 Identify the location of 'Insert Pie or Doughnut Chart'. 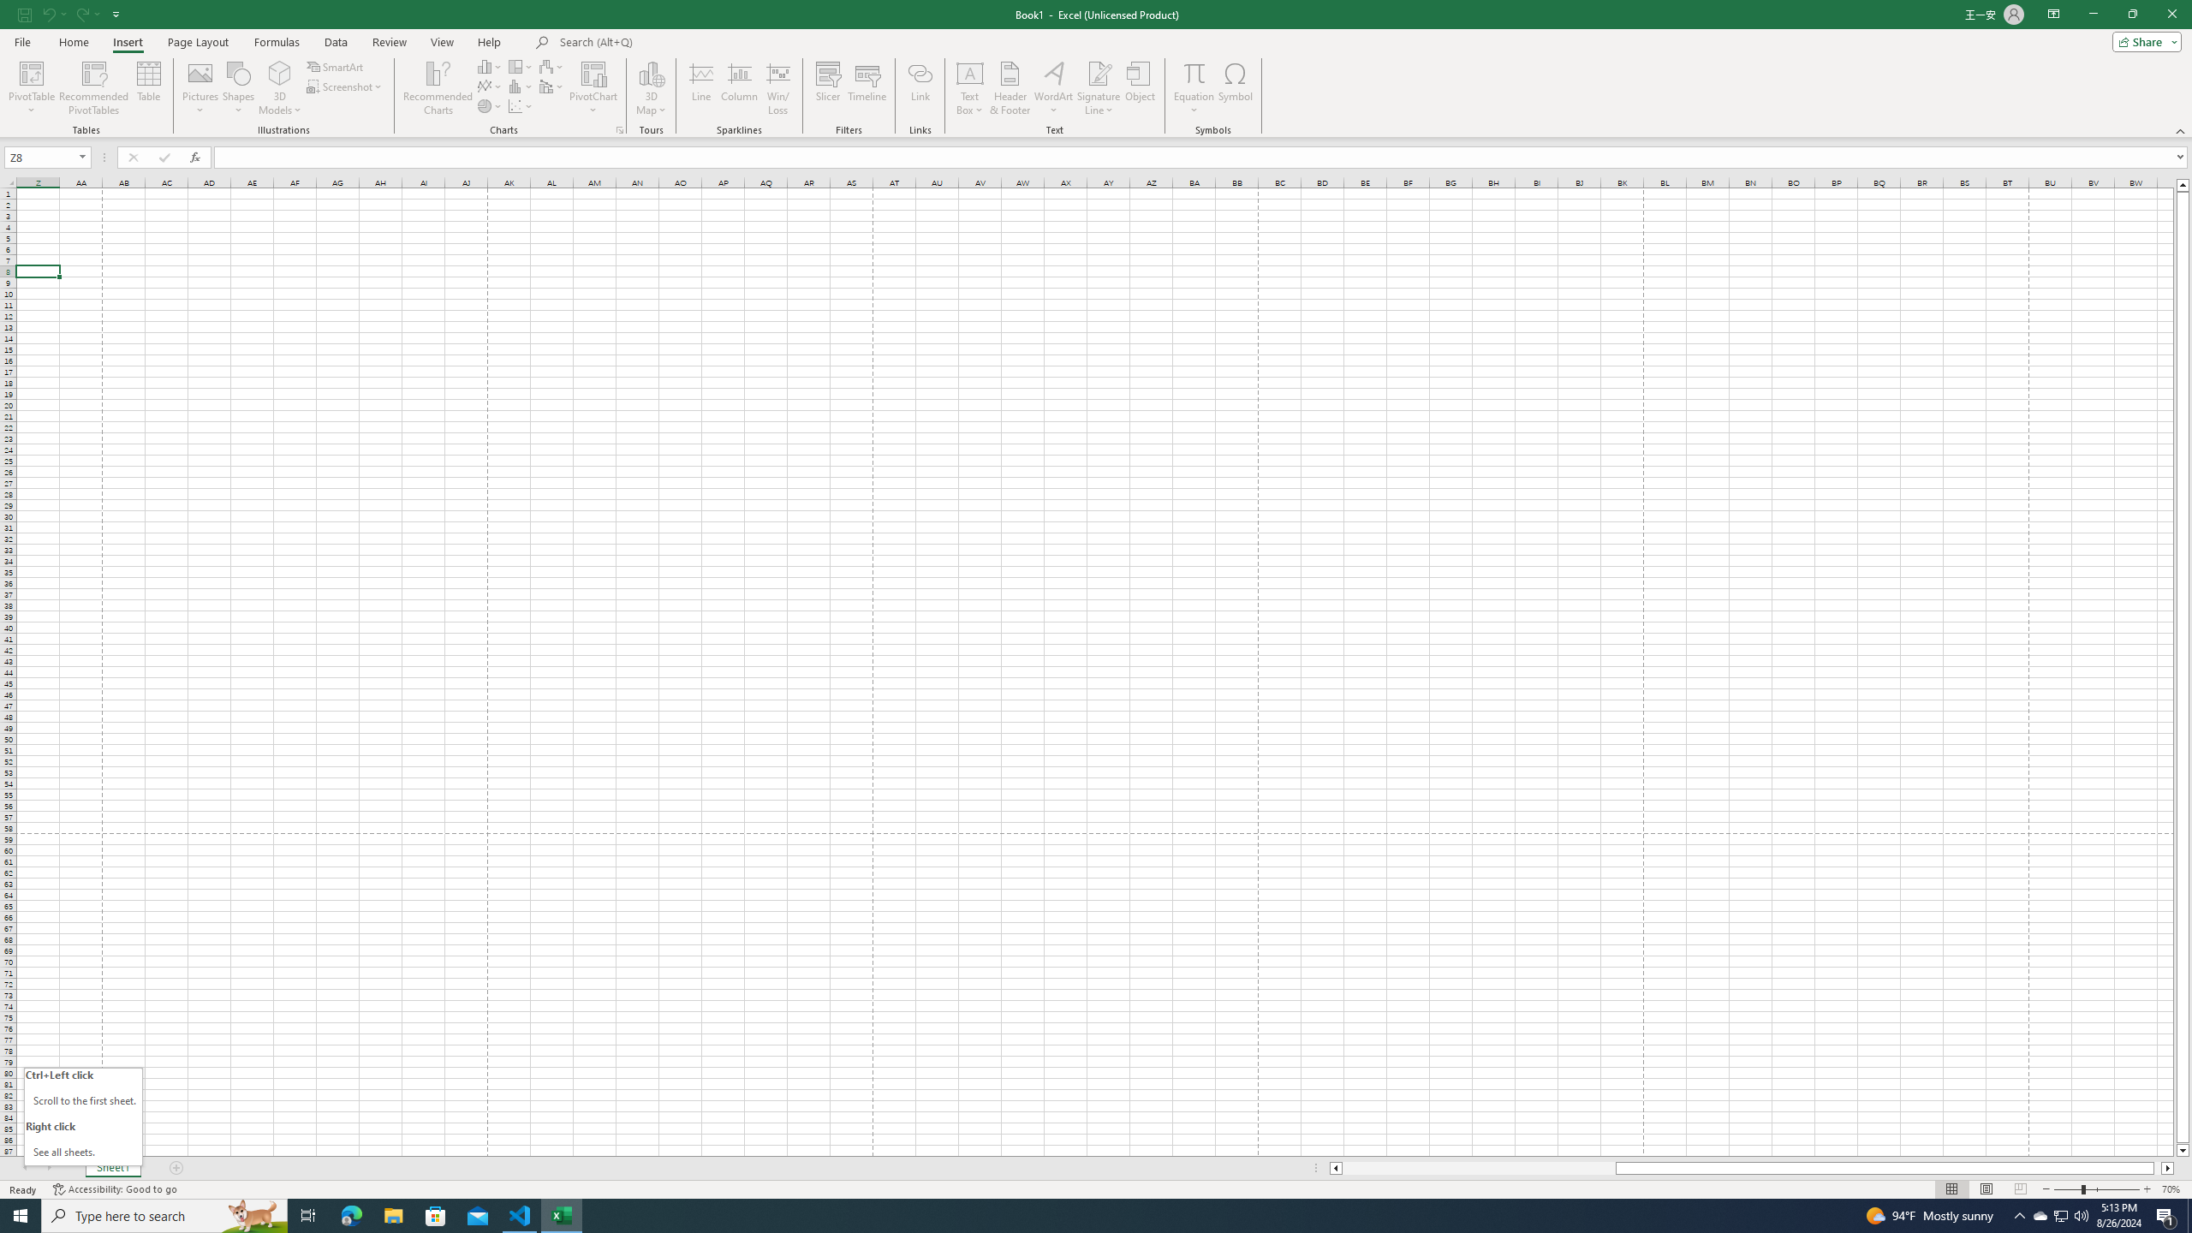
(490, 104).